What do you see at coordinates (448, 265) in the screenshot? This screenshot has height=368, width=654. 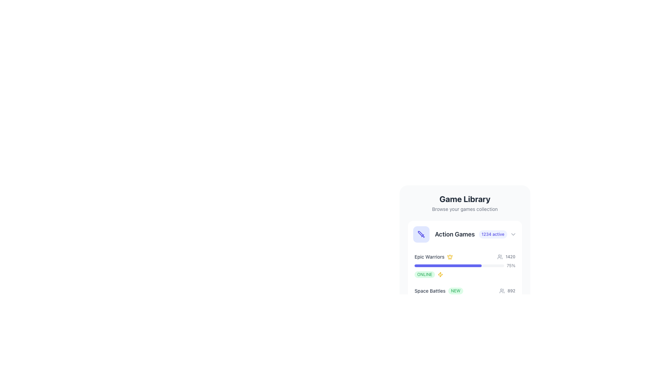 I see `the Progress bar that visually represents a 75% completion metric, located below the 'Epic Warriors' text and aligned with the '75%' numerical indicator` at bounding box center [448, 265].